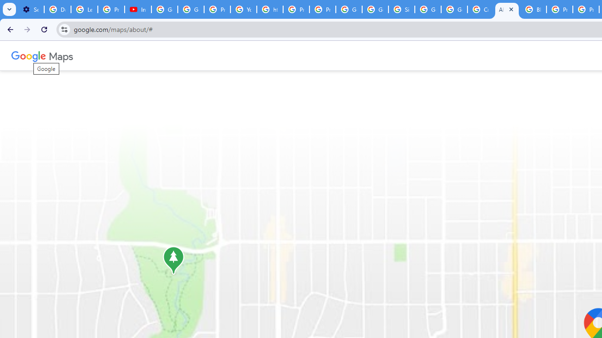 Image resolution: width=602 pixels, height=338 pixels. I want to click on 'Settings - Customize profile', so click(31, 9).